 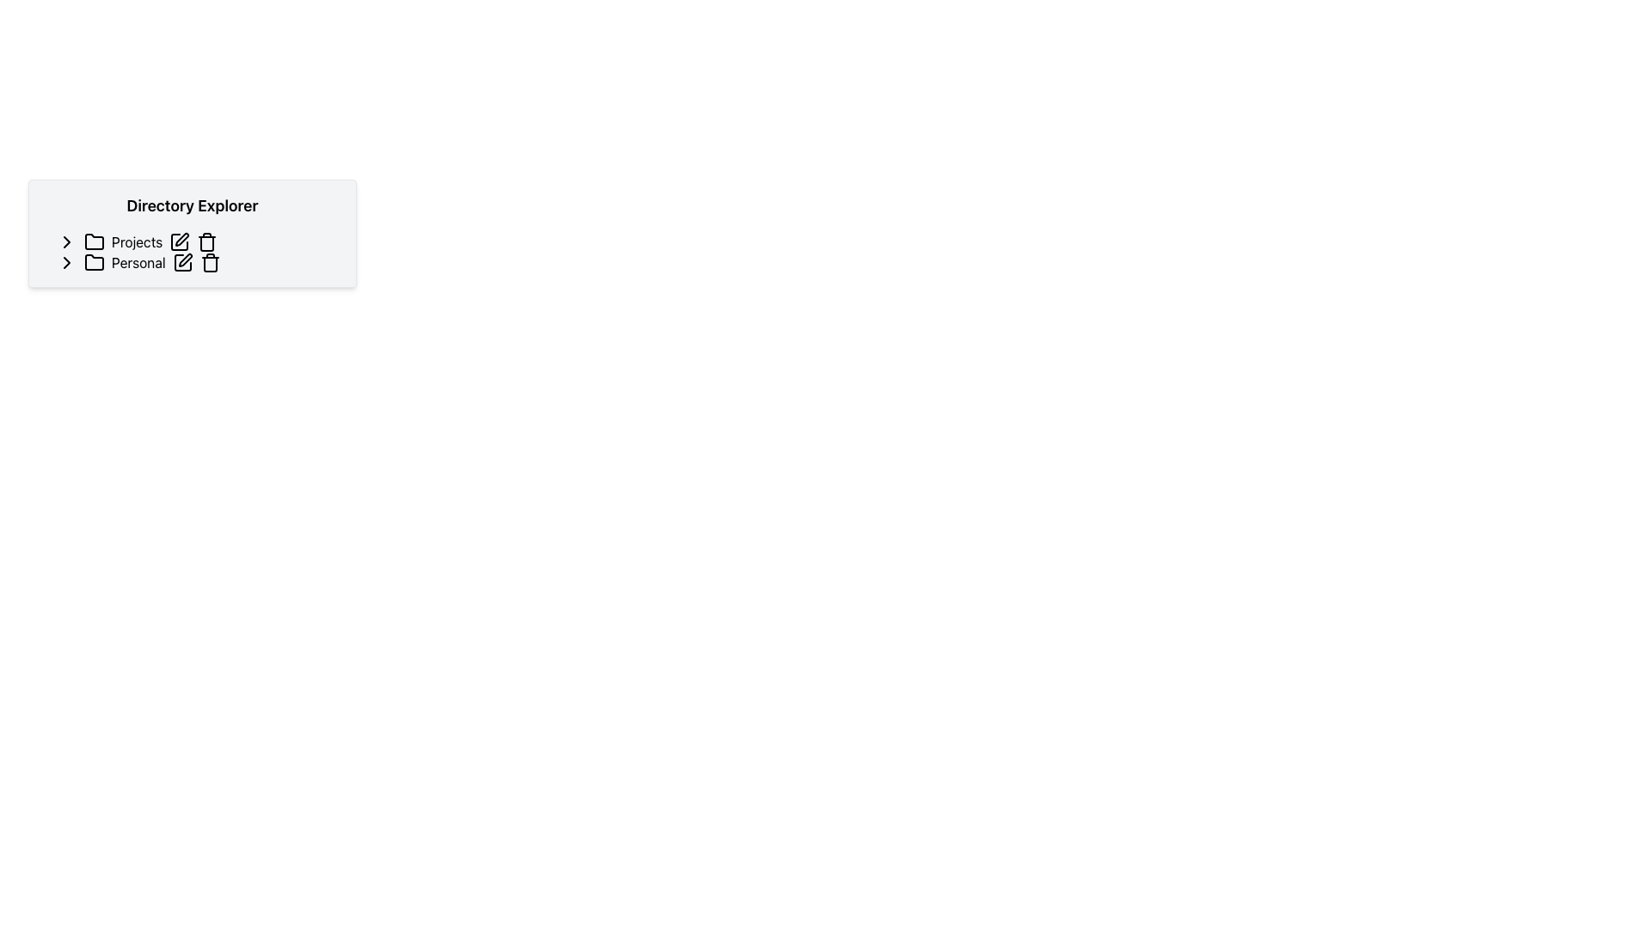 What do you see at coordinates (196, 262) in the screenshot?
I see `the pencil icon in the Action Control Group for the 'Personal' directory, which will turn blue upon hovering` at bounding box center [196, 262].